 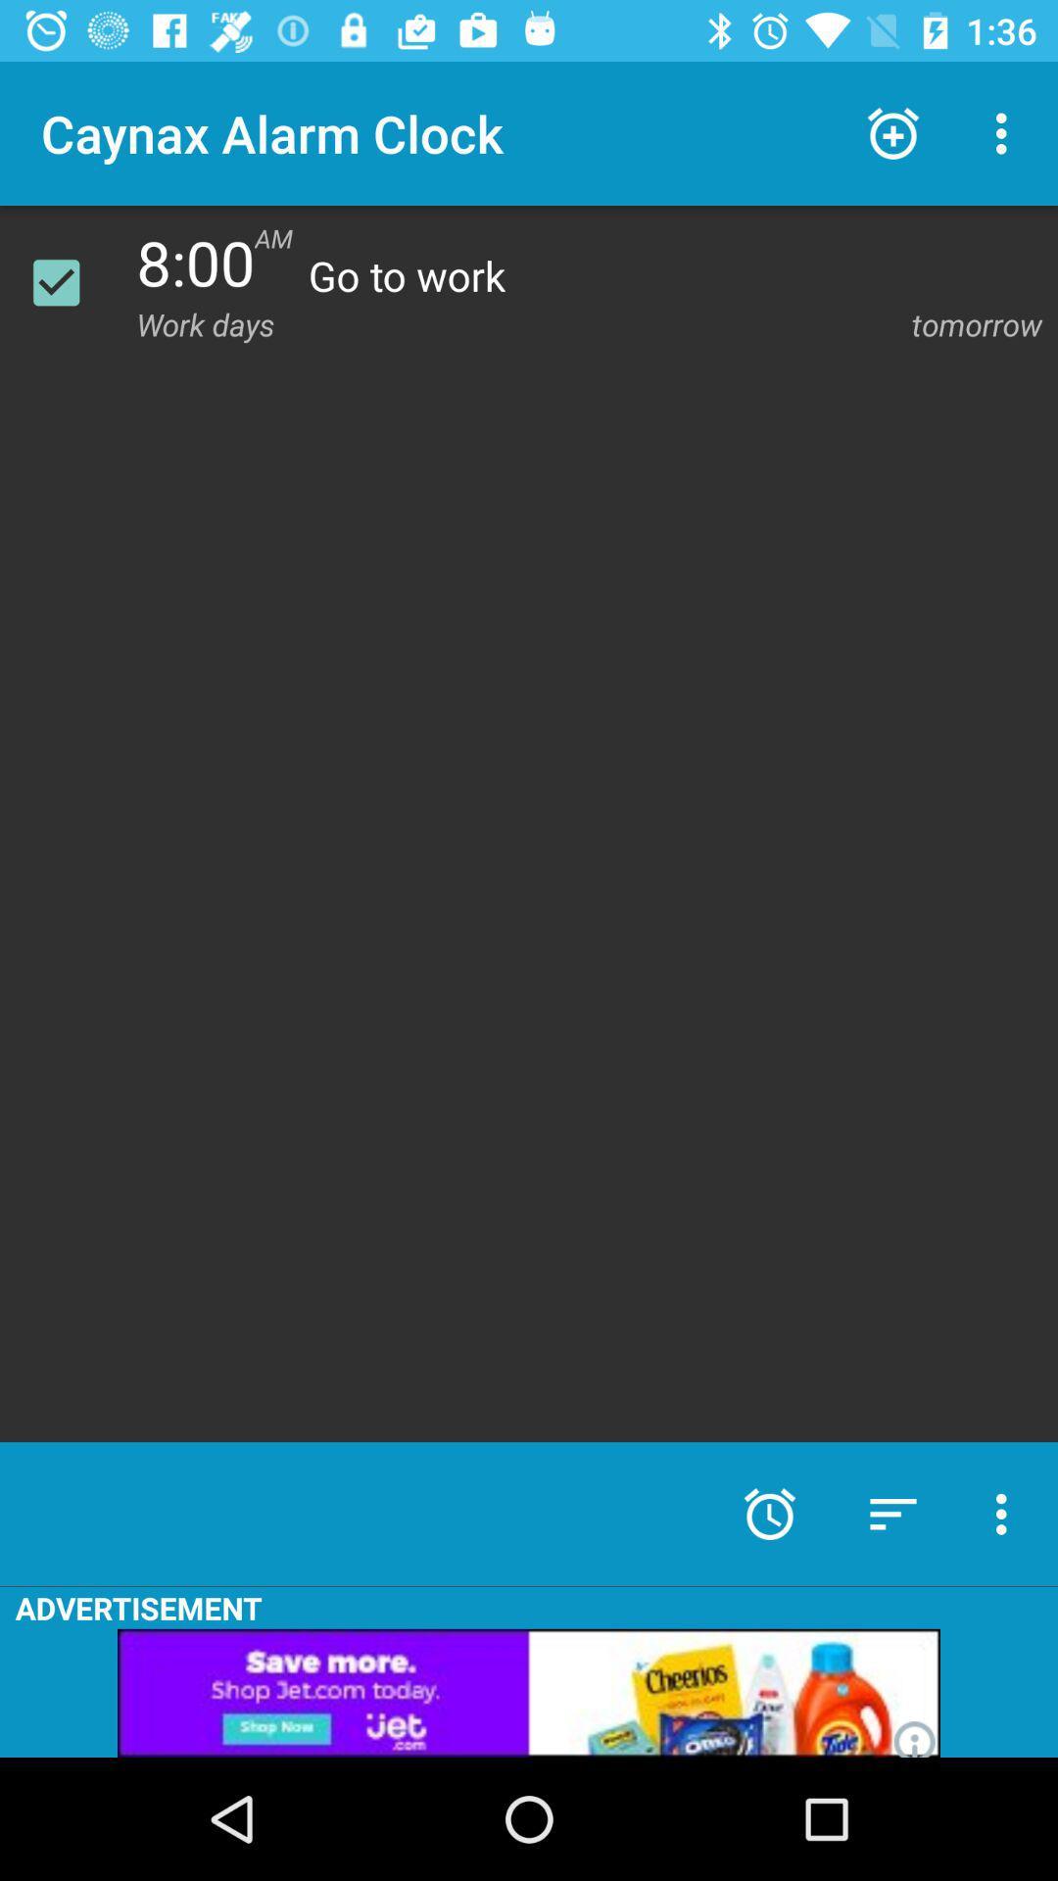 What do you see at coordinates (68, 281) in the screenshot?
I see `alarm on or off` at bounding box center [68, 281].